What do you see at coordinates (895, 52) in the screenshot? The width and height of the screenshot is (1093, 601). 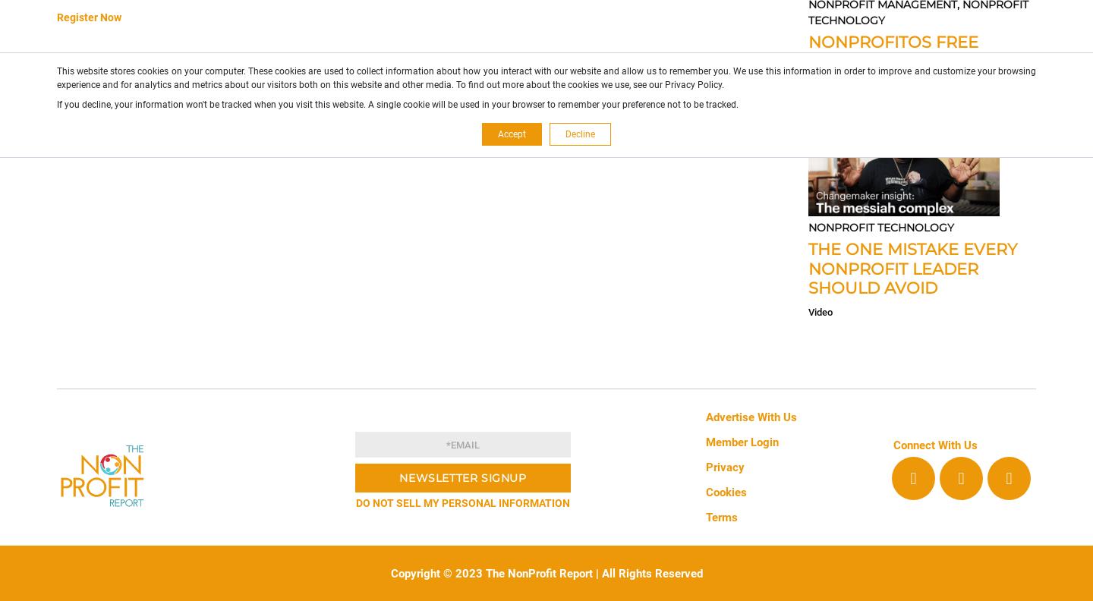 I see `'NonprofitOS Free Chrome Extension'` at bounding box center [895, 52].